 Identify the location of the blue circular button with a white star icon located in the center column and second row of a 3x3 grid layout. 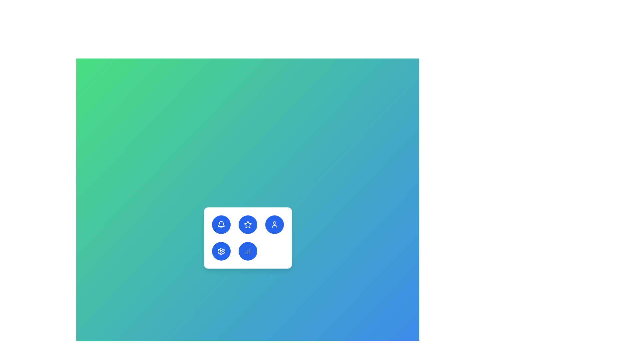
(247, 224).